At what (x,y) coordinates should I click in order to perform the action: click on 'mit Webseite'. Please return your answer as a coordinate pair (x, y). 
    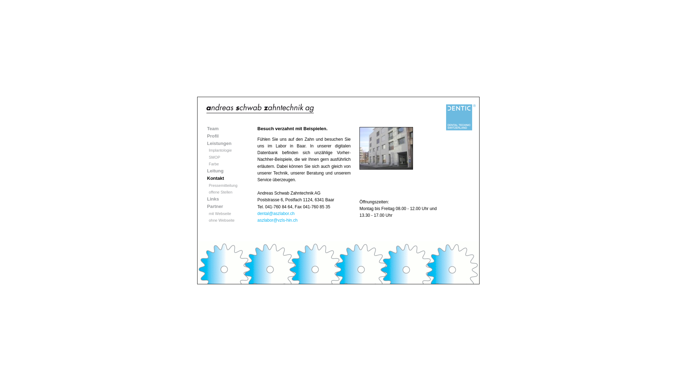
    Looking at the image, I should click on (219, 213).